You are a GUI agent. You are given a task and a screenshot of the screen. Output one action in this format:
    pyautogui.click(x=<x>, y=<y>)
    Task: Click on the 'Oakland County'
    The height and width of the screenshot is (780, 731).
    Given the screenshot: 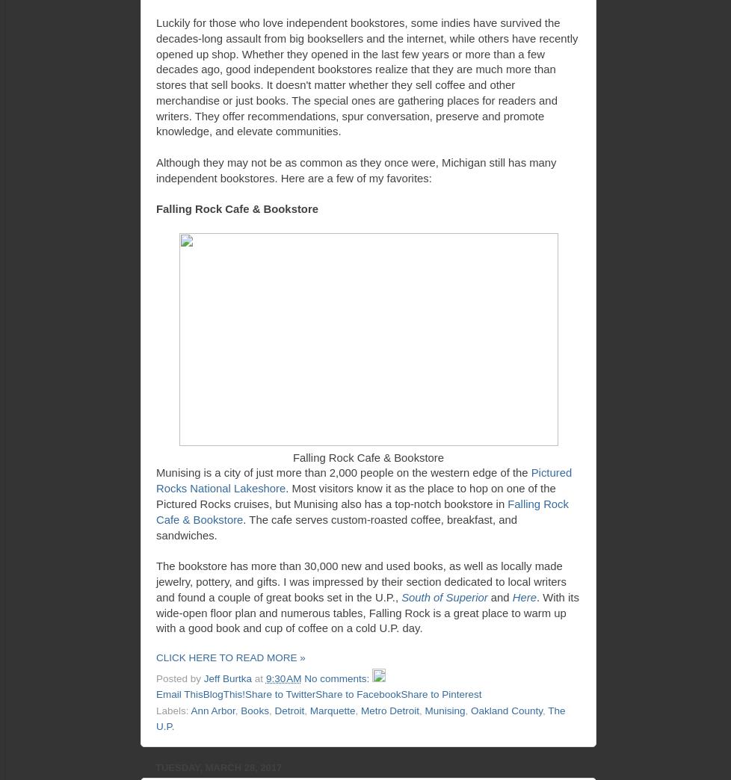 What is the action you would take?
    pyautogui.click(x=506, y=709)
    